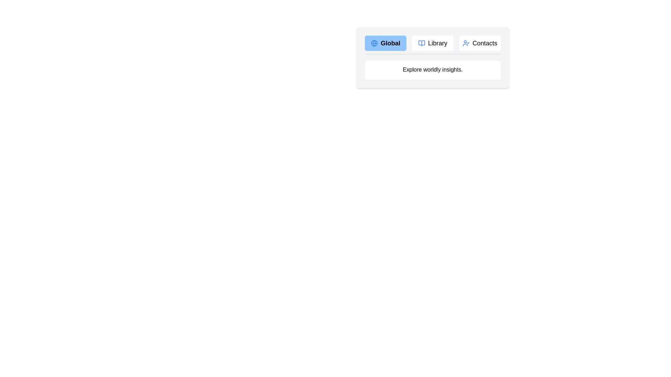 Image resolution: width=671 pixels, height=377 pixels. What do you see at coordinates (385, 43) in the screenshot?
I see `the Global tab` at bounding box center [385, 43].